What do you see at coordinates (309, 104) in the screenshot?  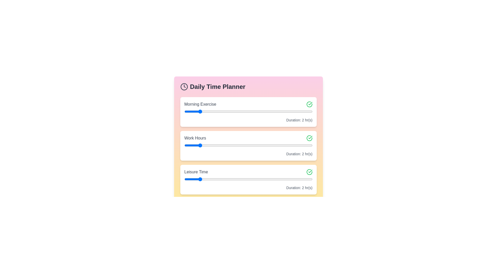 I see `the checkmark icon next to the task 'Morning Exercise'` at bounding box center [309, 104].